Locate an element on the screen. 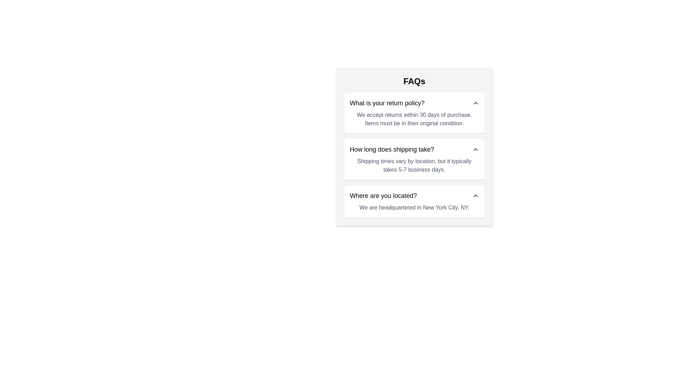 This screenshot has width=674, height=379. the clickable header with a chevron icon in the FAQ section for accessibility interactions is located at coordinates (414, 196).